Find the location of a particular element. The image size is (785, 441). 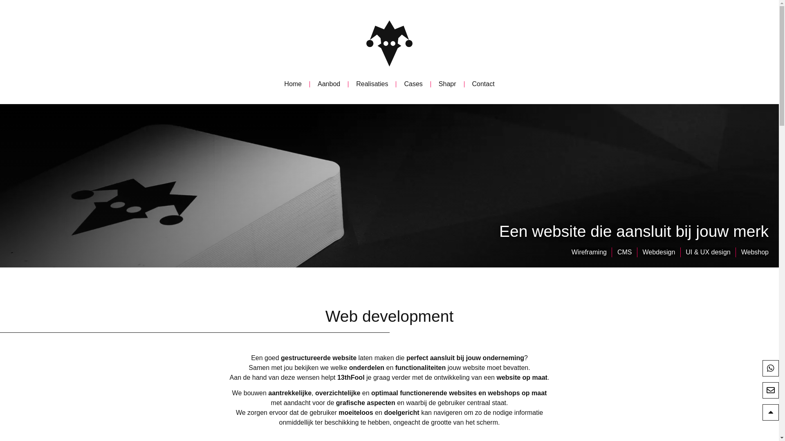

'Cases' is located at coordinates (413, 84).